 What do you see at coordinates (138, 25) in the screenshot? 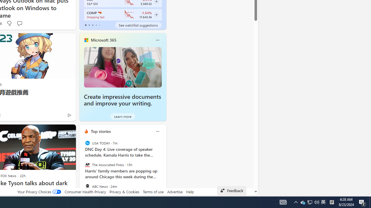
I see `'See watchlist suggestions'` at bounding box center [138, 25].